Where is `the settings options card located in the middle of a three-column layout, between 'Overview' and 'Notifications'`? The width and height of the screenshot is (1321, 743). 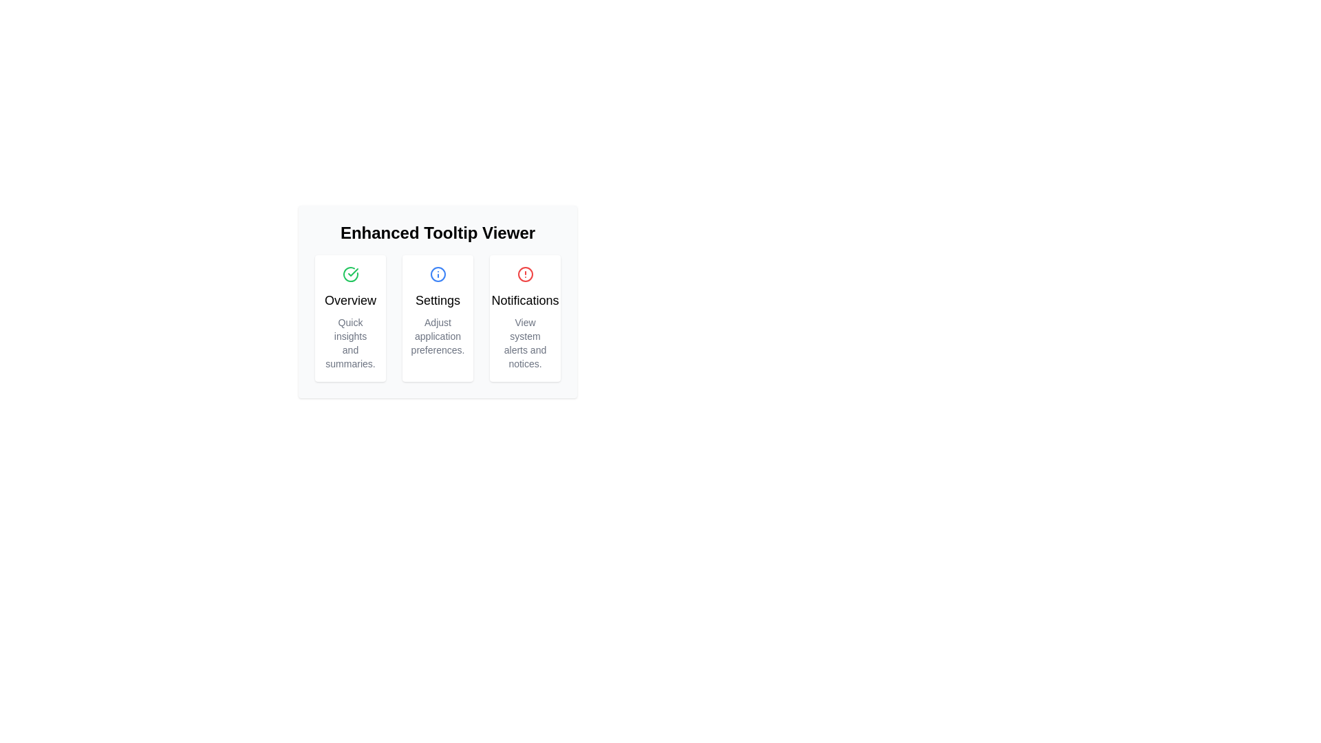 the settings options card located in the middle of a three-column layout, between 'Overview' and 'Notifications' is located at coordinates (437, 318).